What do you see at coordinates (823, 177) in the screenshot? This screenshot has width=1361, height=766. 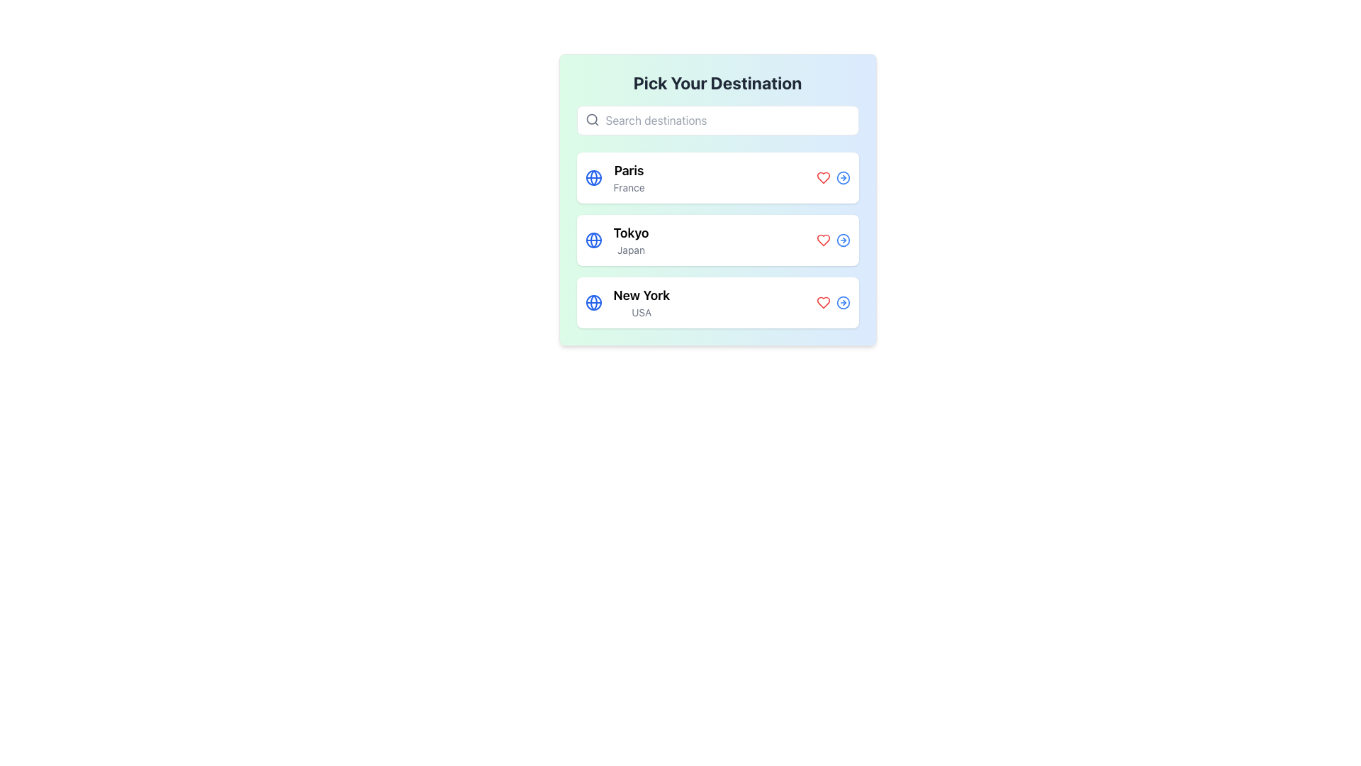 I see `the heart icon button located within the Paris destination card` at bounding box center [823, 177].